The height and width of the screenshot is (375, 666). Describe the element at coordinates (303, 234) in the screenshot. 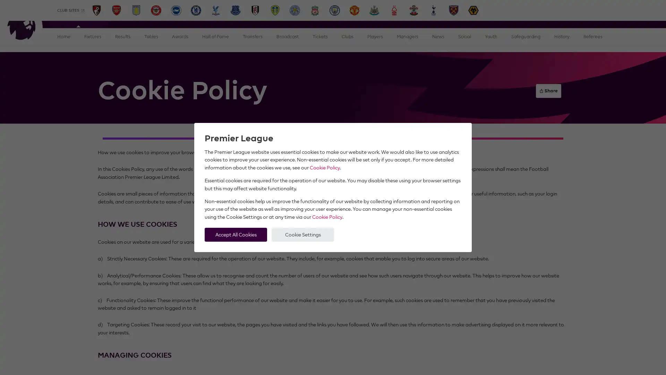

I see `Cookie Settings` at that location.